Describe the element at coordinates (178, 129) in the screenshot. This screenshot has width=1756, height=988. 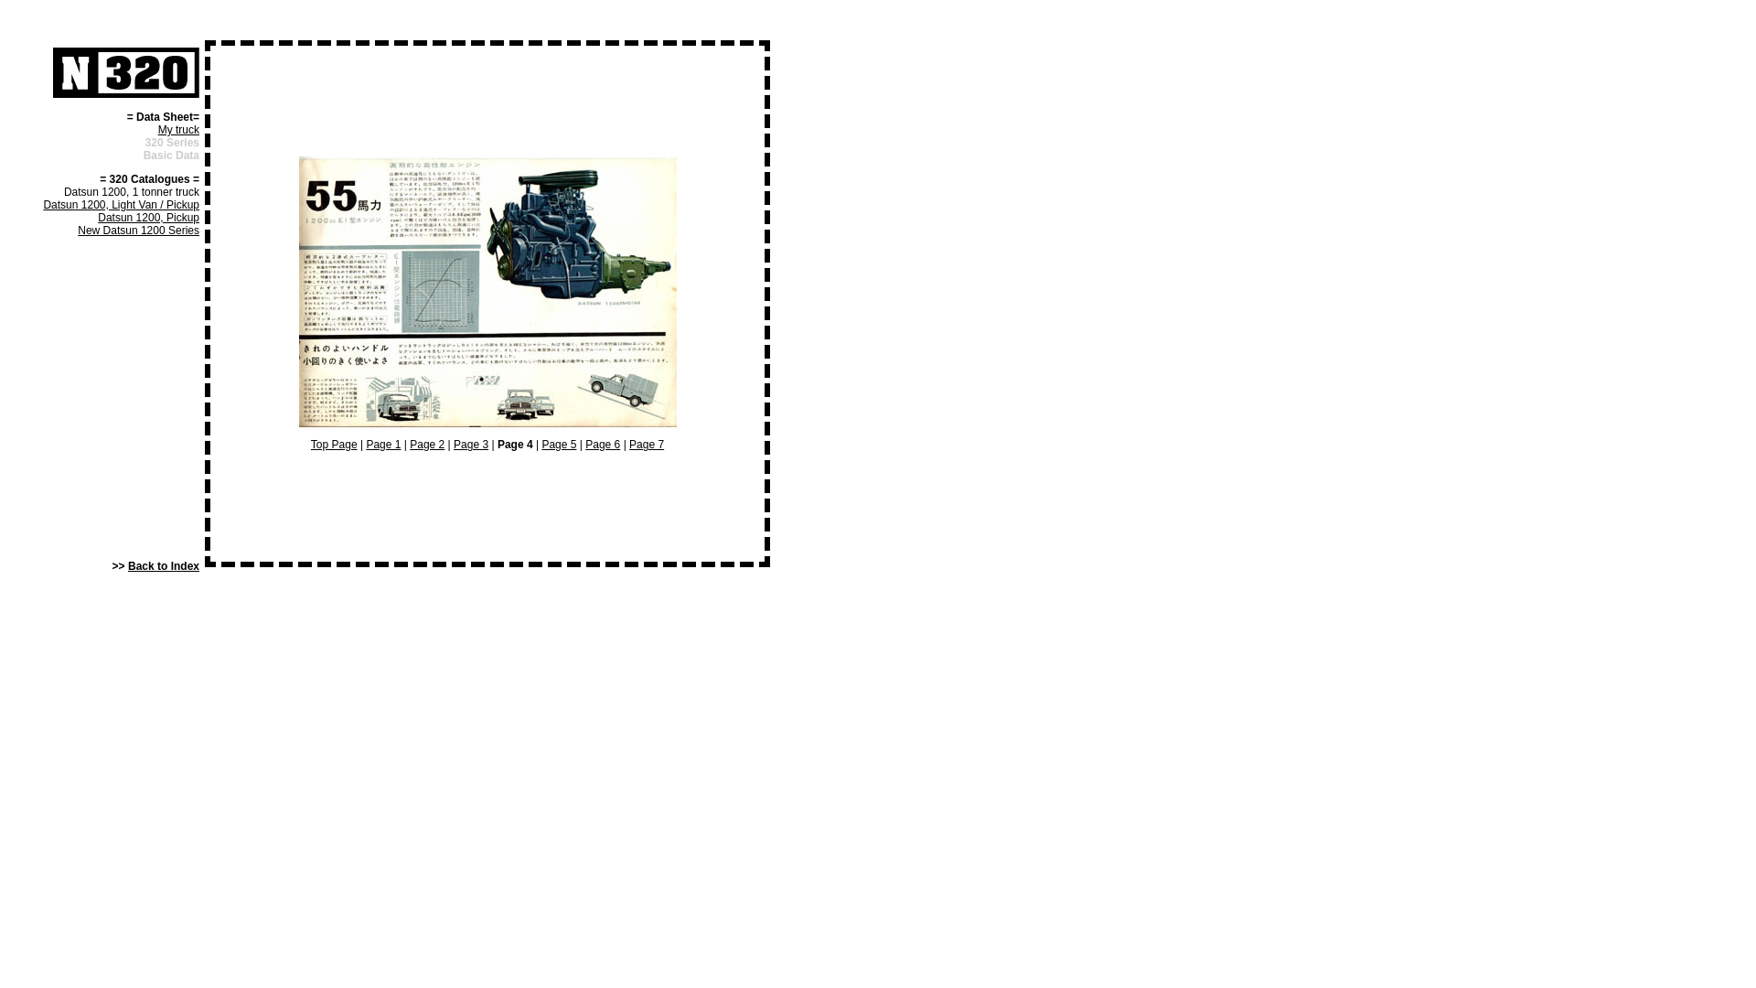
I see `'My truck'` at that location.